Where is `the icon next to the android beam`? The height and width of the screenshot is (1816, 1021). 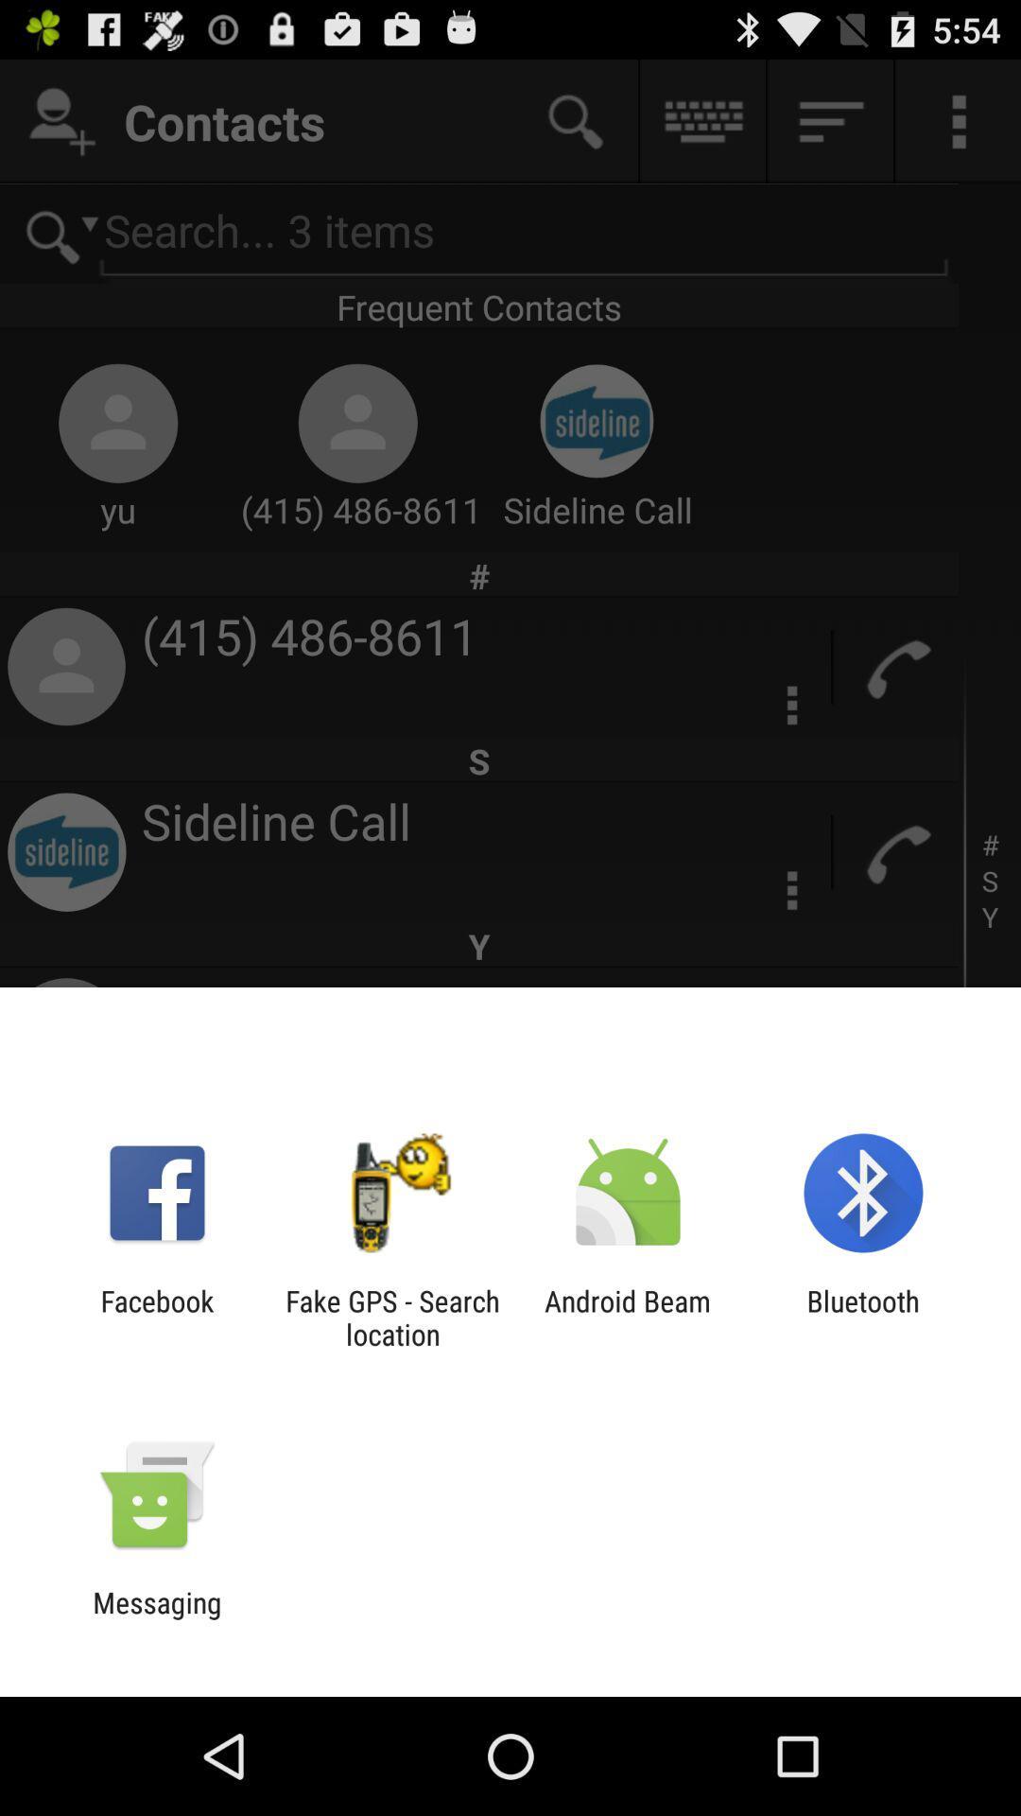
the icon next to the android beam is located at coordinates (391, 1317).